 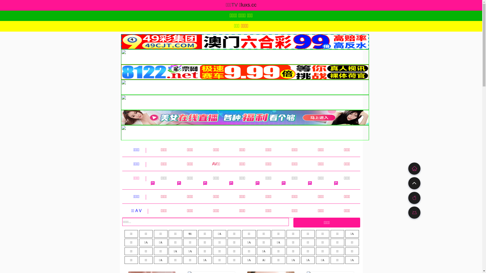 What do you see at coordinates (190, 234) in the screenshot?
I see `'91'` at bounding box center [190, 234].